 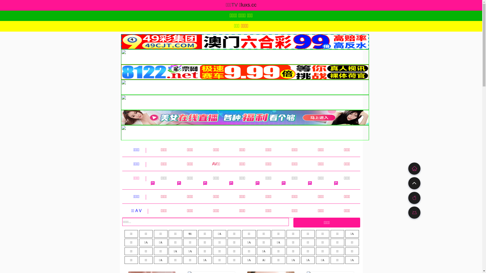 What do you see at coordinates (190, 234) in the screenshot?
I see `'91'` at bounding box center [190, 234].